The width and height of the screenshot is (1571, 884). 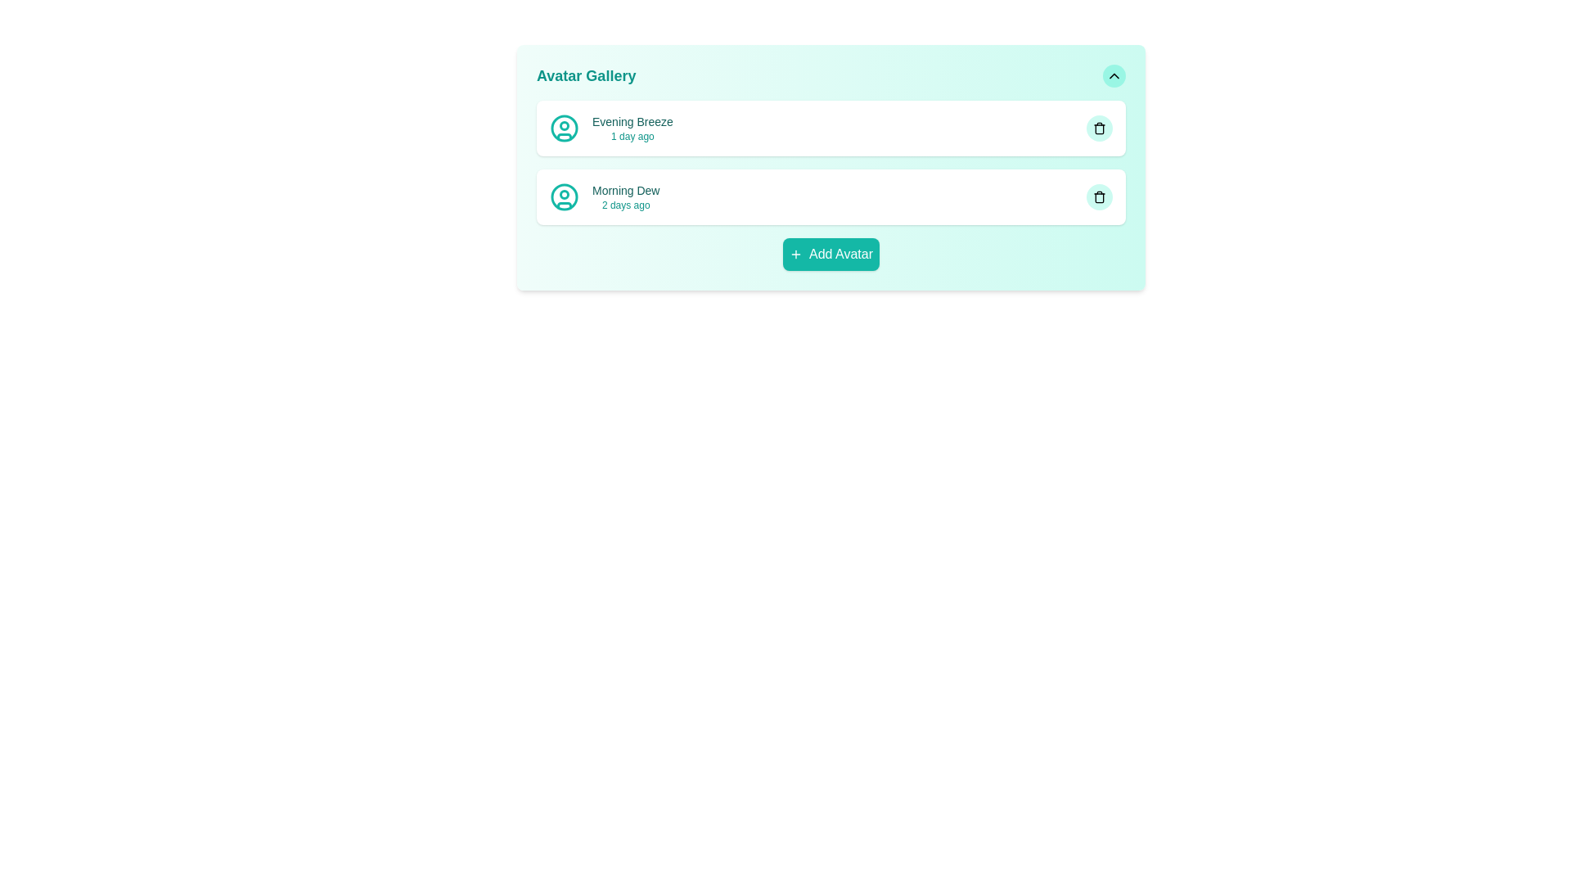 What do you see at coordinates (1100, 128) in the screenshot?
I see `the delete button located at the right end of the first row, adjacent to the content displaying 'Evening Breeze 1 day ago'` at bounding box center [1100, 128].